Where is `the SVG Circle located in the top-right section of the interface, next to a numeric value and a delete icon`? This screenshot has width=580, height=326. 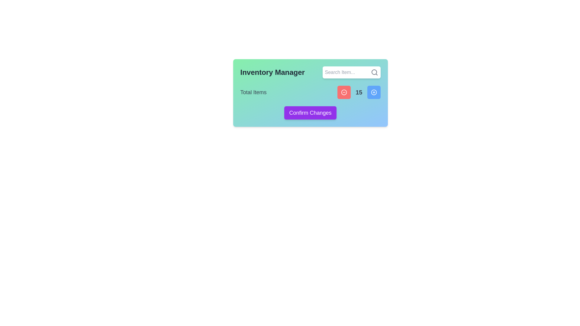
the SVG Circle located in the top-right section of the interface, next to a numeric value and a delete icon is located at coordinates (373, 92).